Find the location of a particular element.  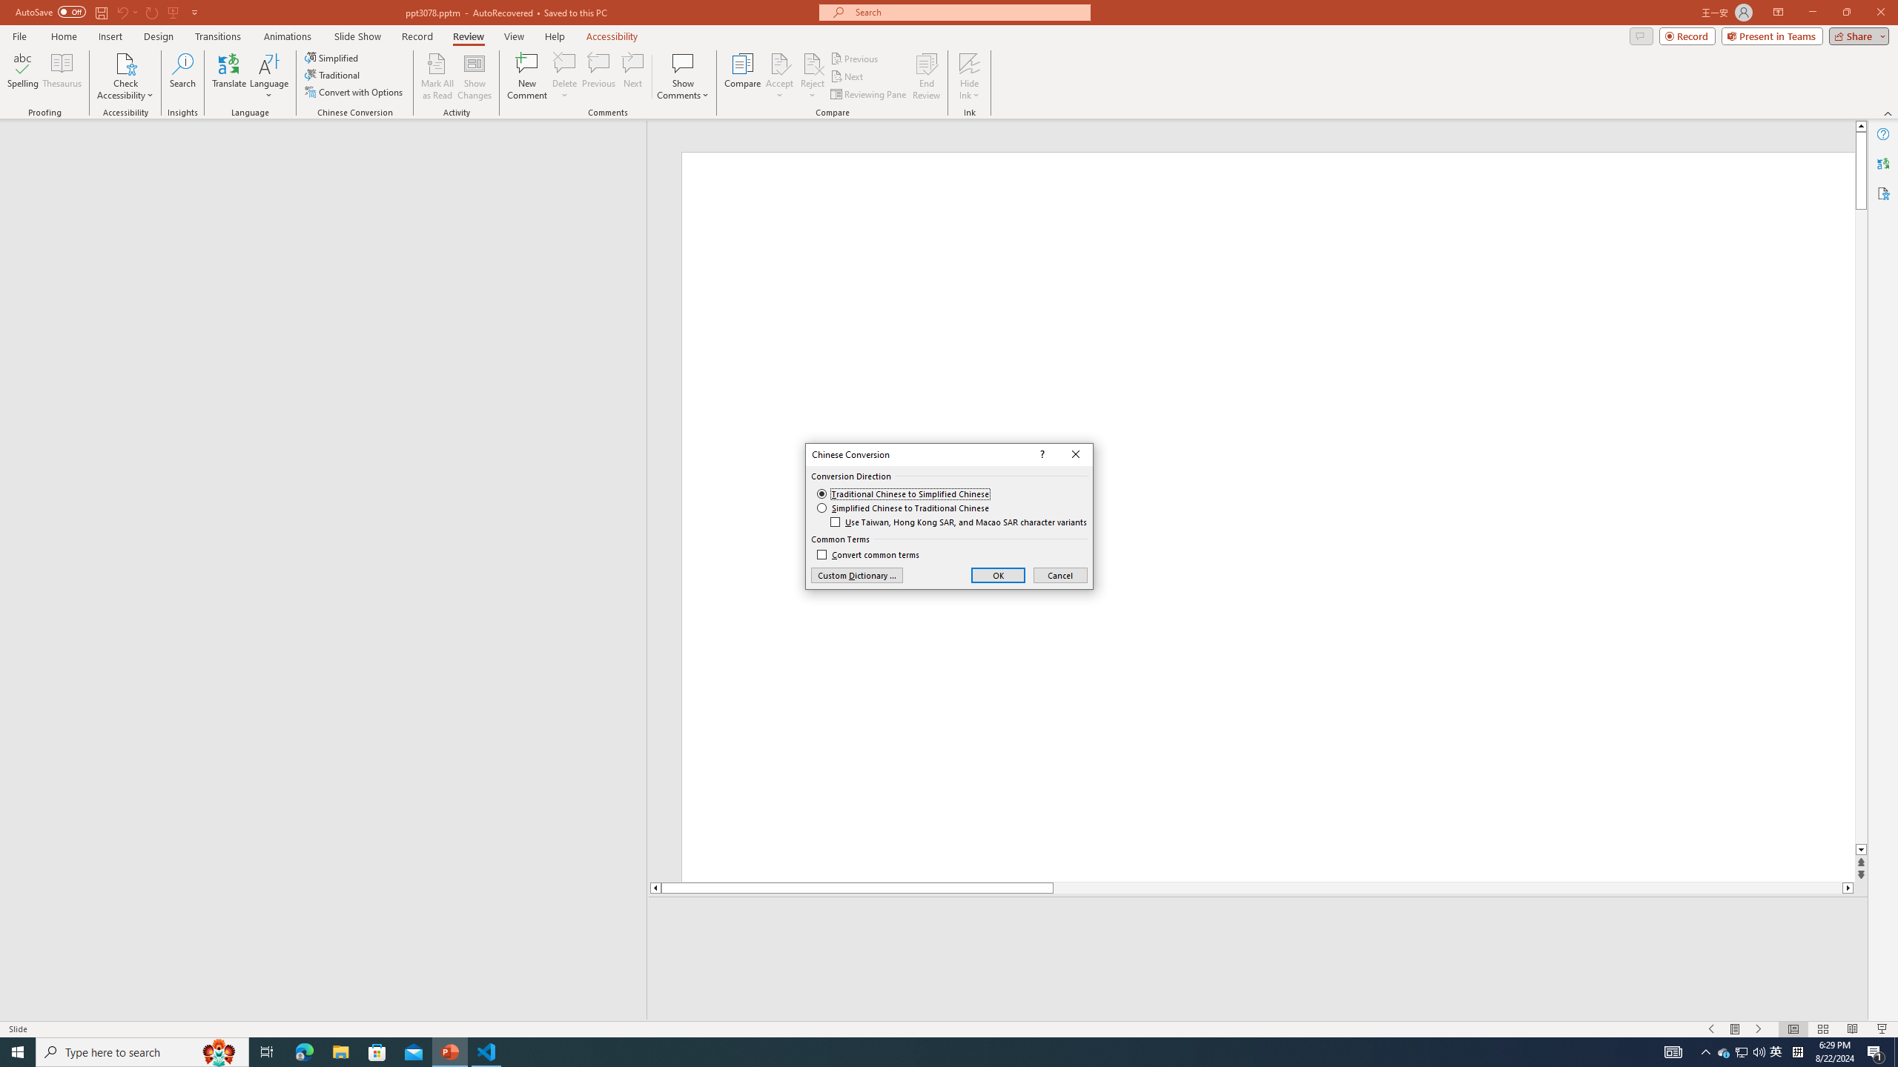

'End Review' is located at coordinates (925, 76).